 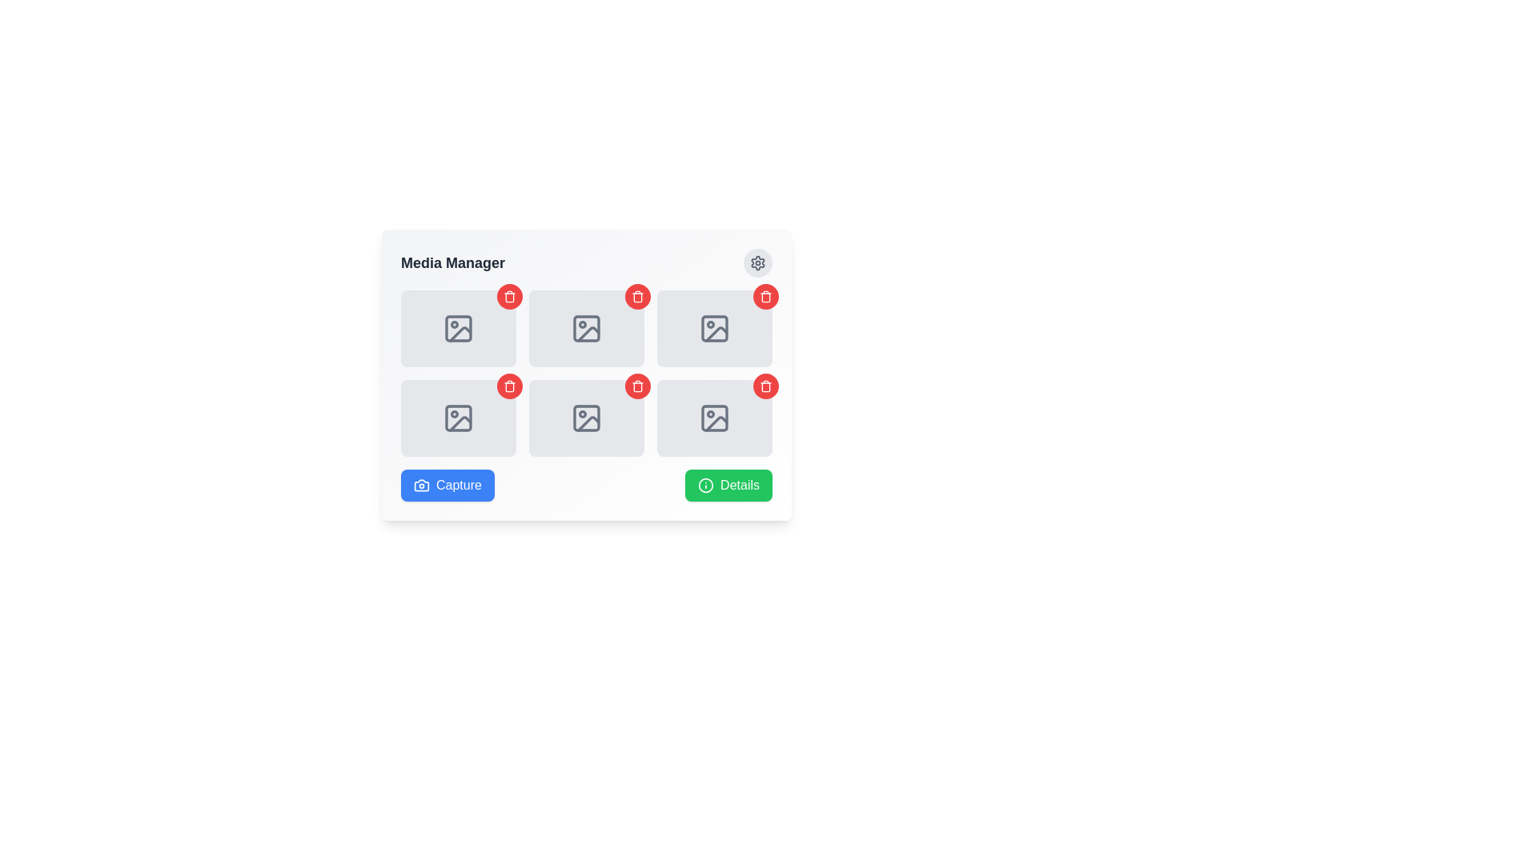 What do you see at coordinates (459, 333) in the screenshot?
I see `the Graphic Icon that serves as a placeholder for an image in the top-left cell of the grid layout in the 'Media Manager' section` at bounding box center [459, 333].